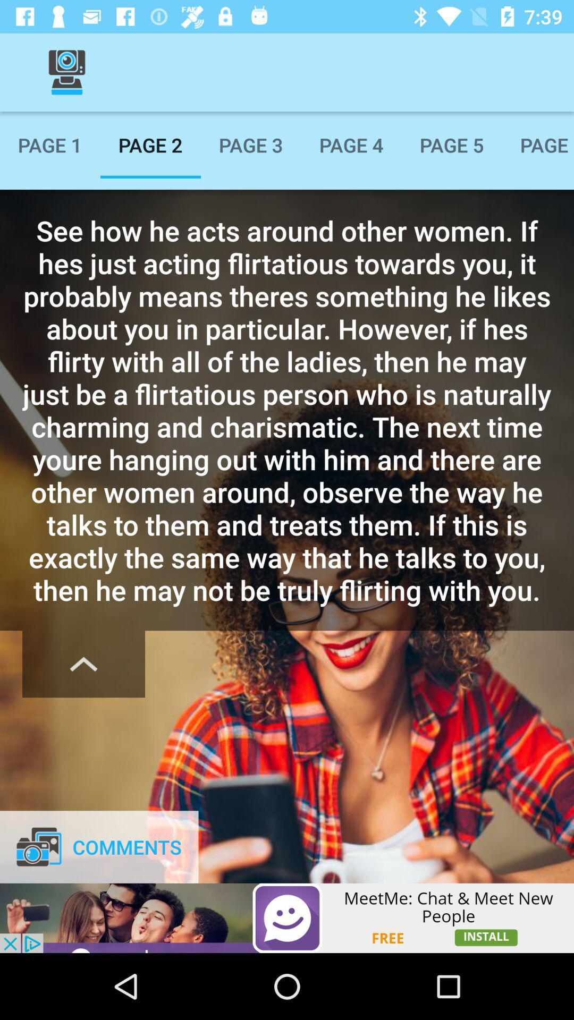 This screenshot has height=1020, width=574. What do you see at coordinates (83, 664) in the screenshot?
I see `collapse` at bounding box center [83, 664].